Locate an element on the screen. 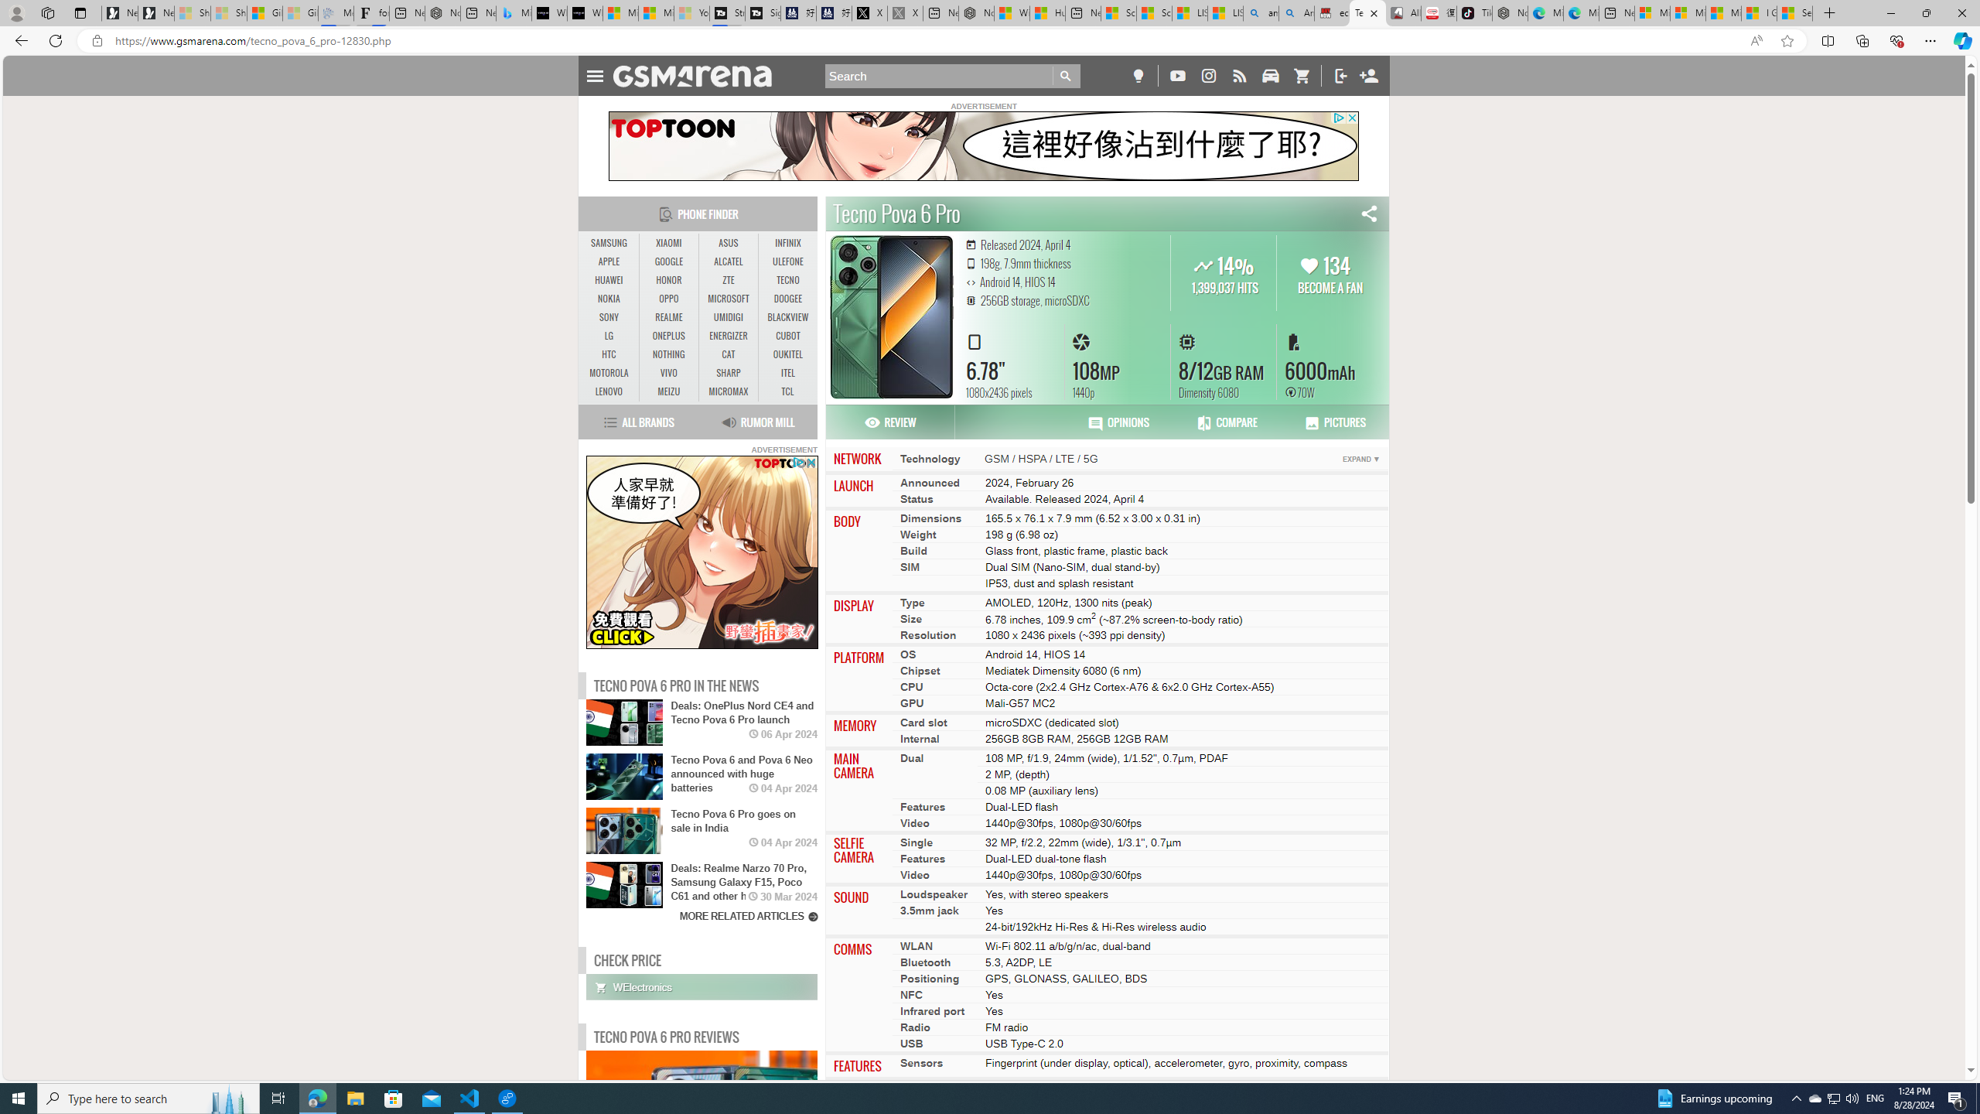  'HUAWEI' is located at coordinates (609, 279).